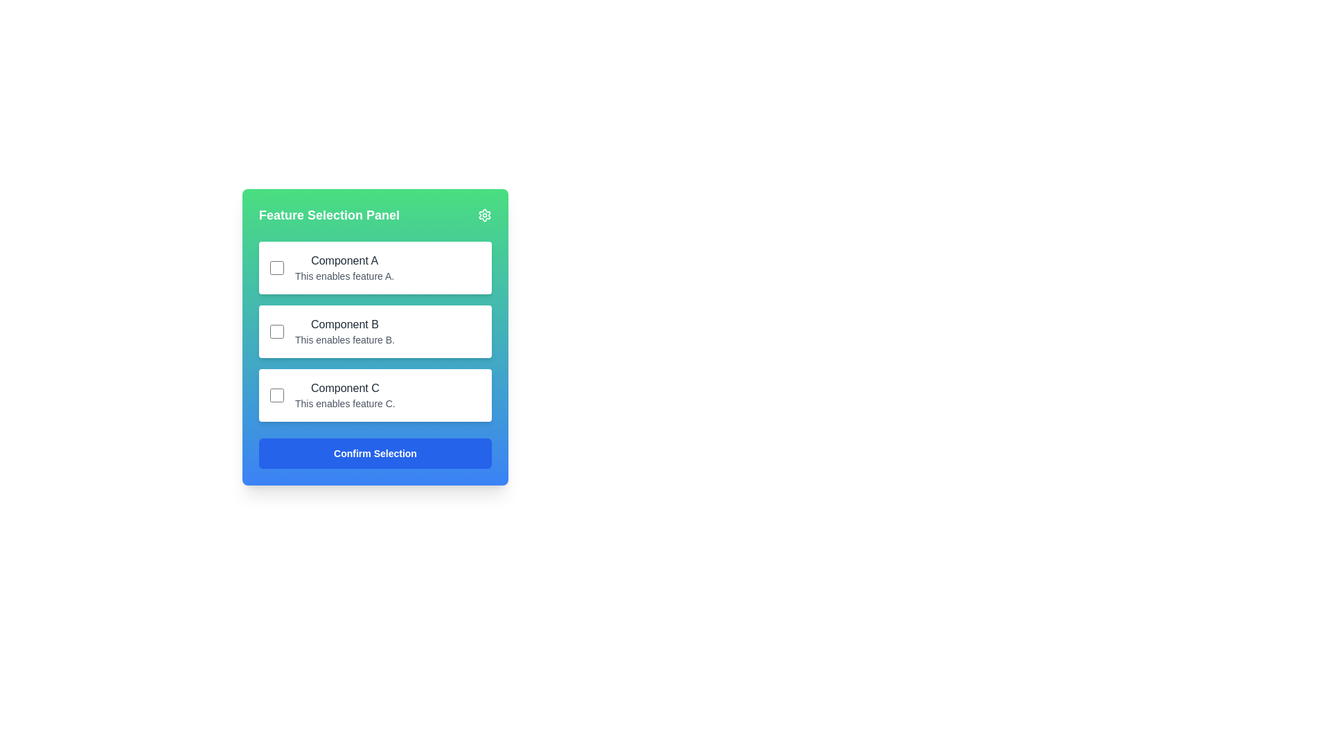  Describe the element at coordinates (344, 276) in the screenshot. I see `the Text label that describes the feature for 'Component A' in the Feature Selection Panel, located in the second row and aligned to the left of the corresponding checkbox` at that location.